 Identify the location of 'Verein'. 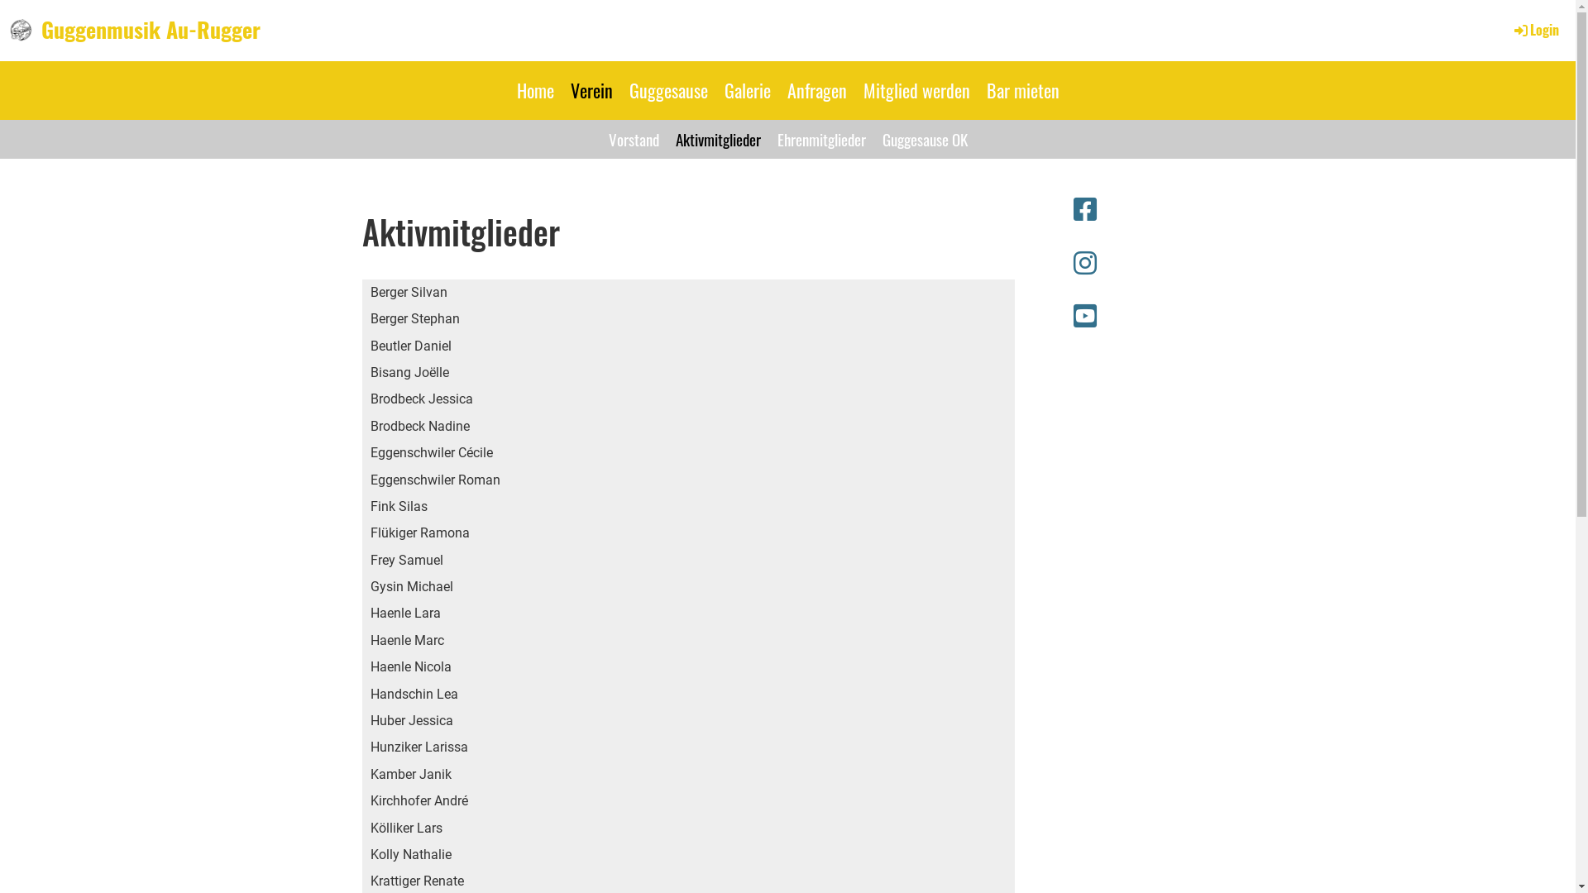
(591, 90).